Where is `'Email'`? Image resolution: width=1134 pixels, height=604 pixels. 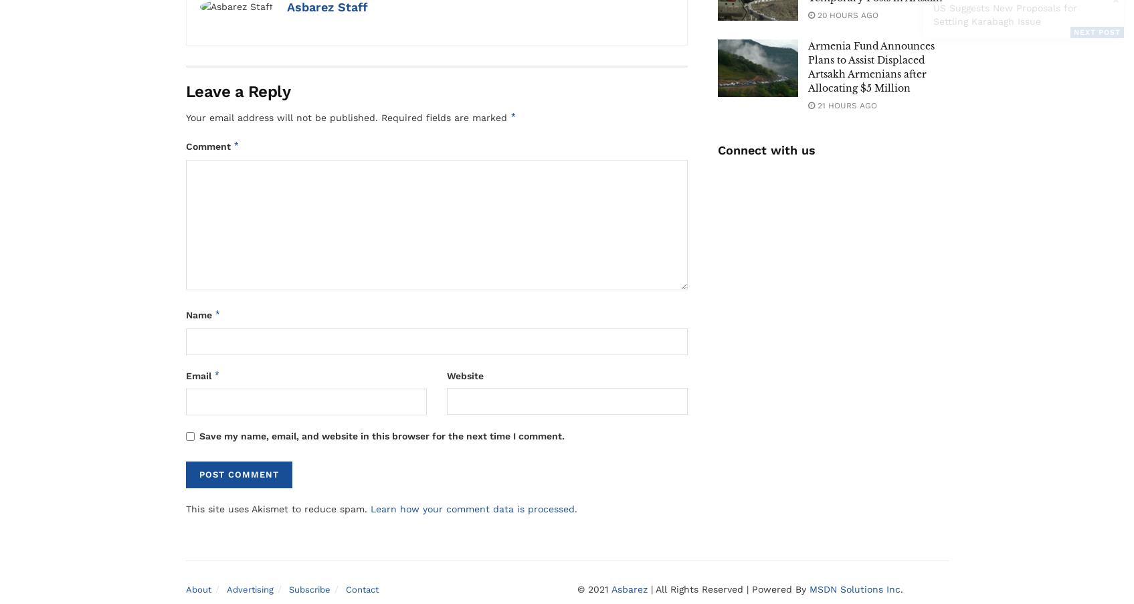
'Email' is located at coordinates (199, 375).